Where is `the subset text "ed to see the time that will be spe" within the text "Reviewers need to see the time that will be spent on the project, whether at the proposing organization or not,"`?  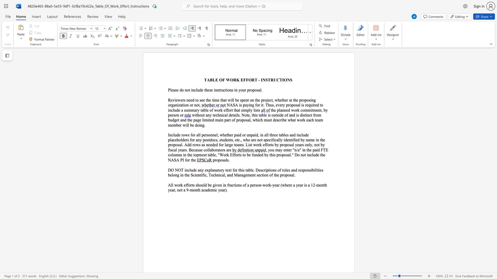 the subset text "ed to see the time that will be spe" within the text "Reviewers need to see the time that will be spent on the project, whether at the proposing organization or not," is located at coordinates (190, 100).